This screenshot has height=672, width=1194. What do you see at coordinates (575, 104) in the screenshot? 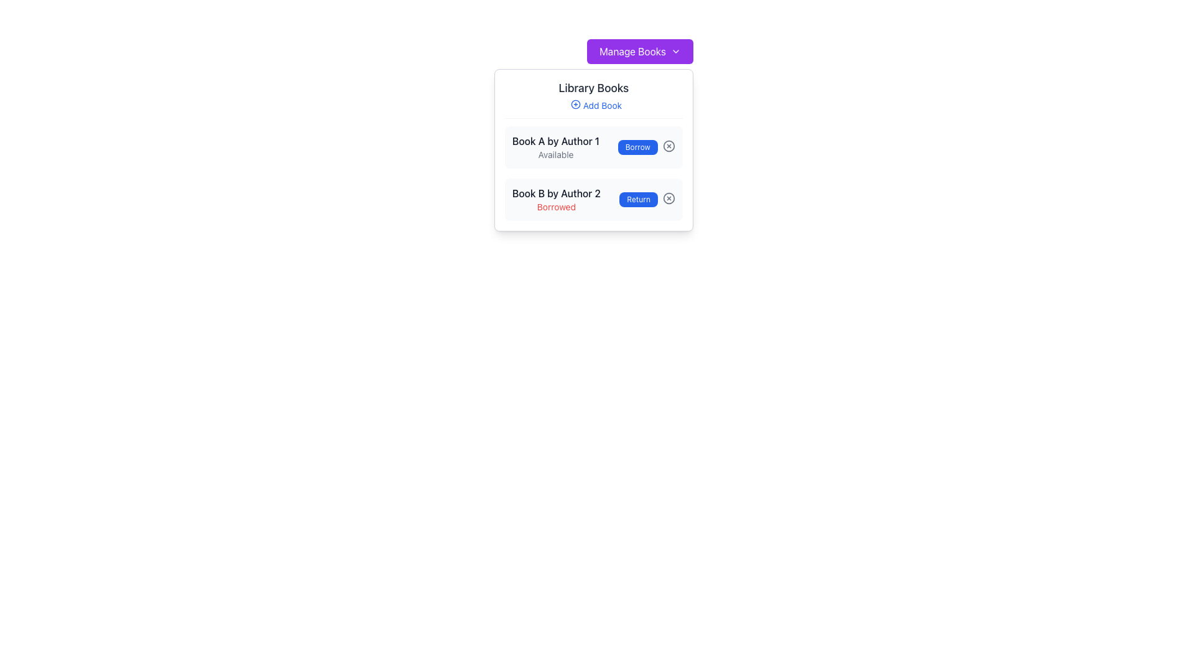
I see `the icon that indicates the possibility of adding a book, located to the immediate left of the 'Add Book' label in the 'Library Books' dialog box` at bounding box center [575, 104].